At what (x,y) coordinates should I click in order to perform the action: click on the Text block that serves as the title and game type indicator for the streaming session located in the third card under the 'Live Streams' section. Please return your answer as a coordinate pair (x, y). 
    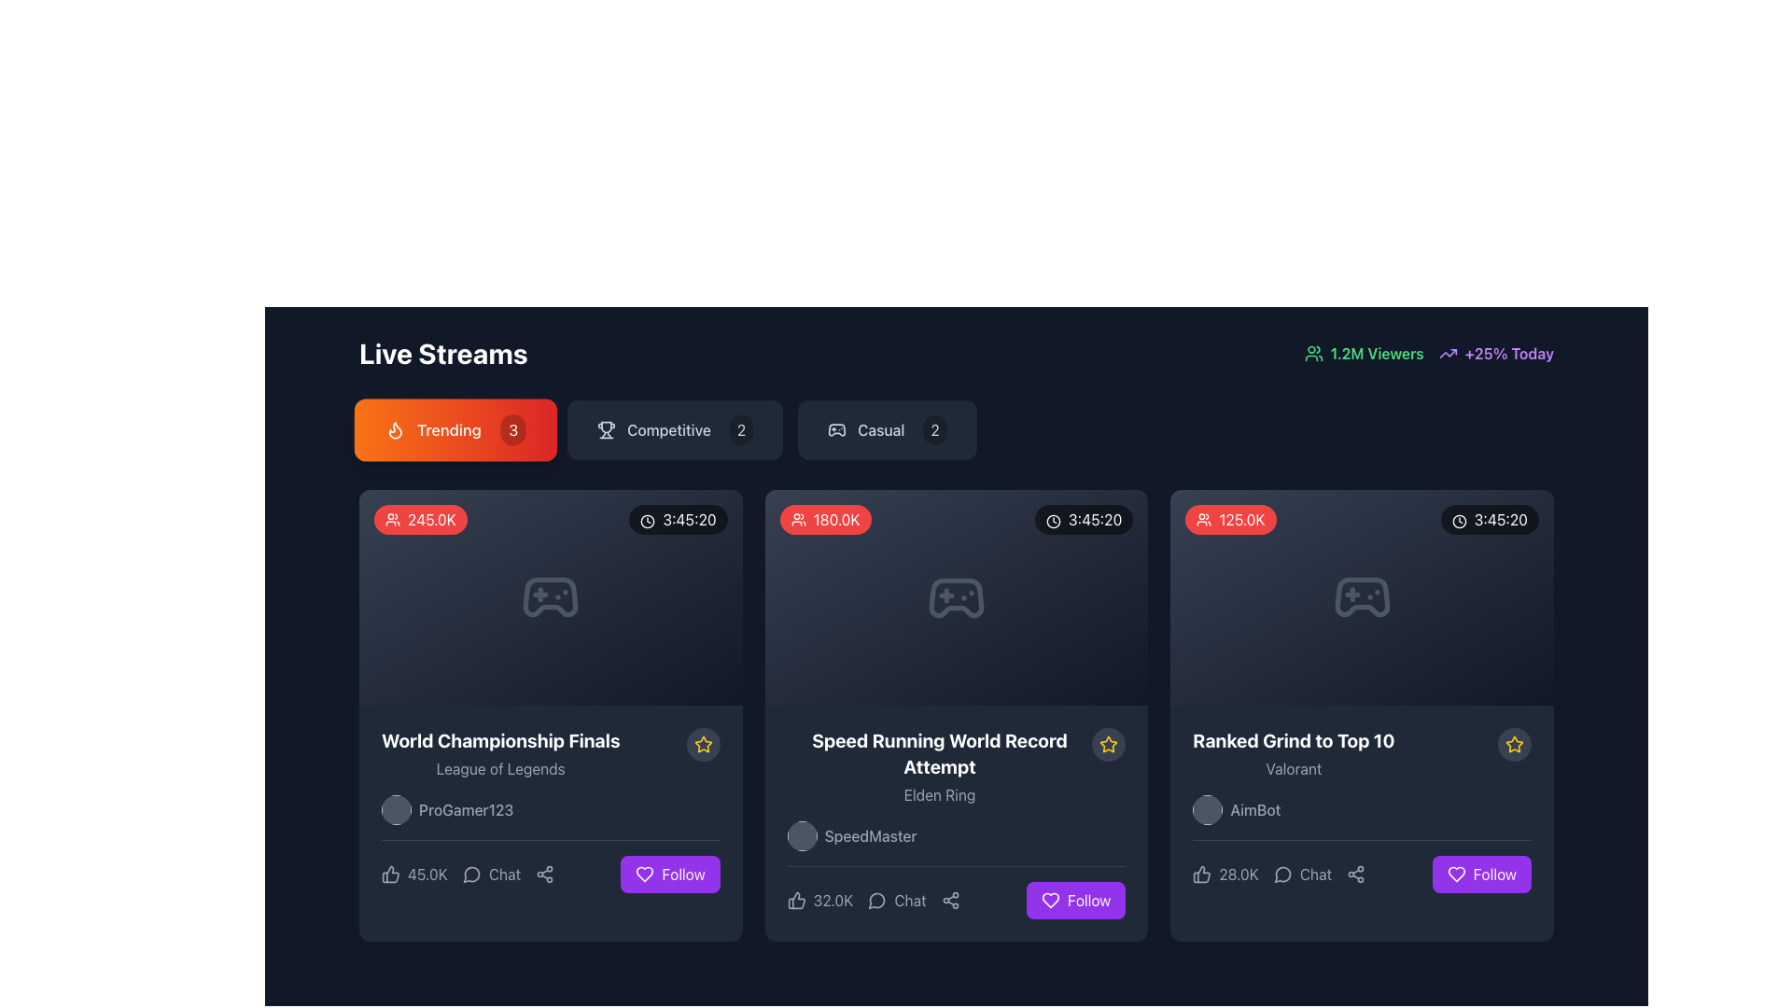
    Looking at the image, I should click on (1362, 752).